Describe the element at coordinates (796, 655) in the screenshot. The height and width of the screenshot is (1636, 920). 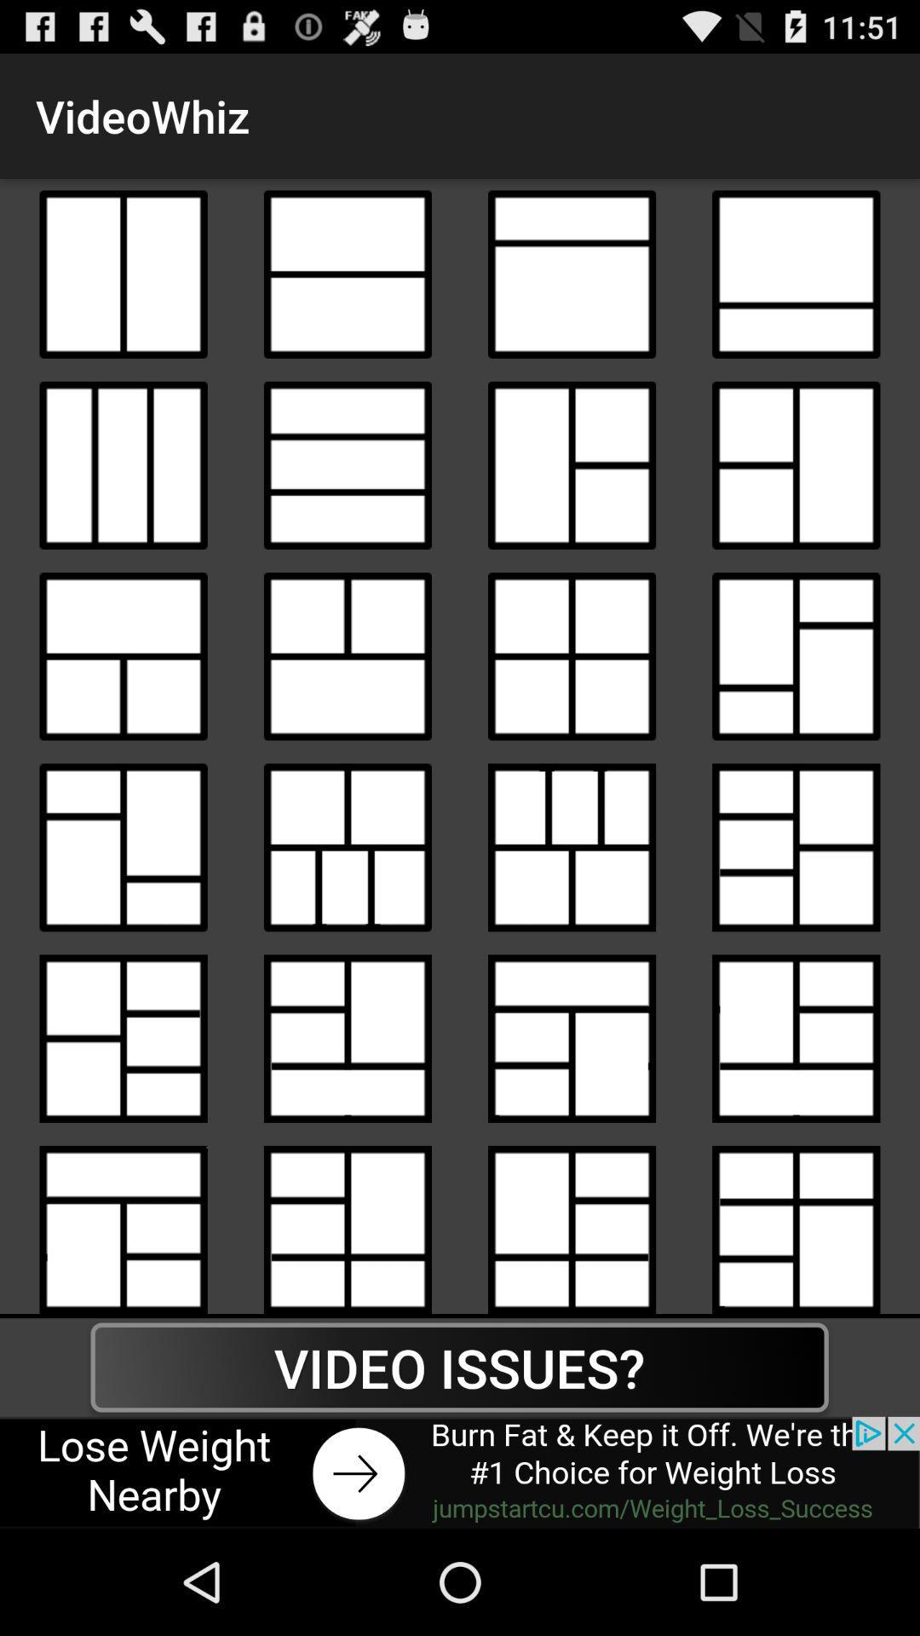
I see `model of a grid` at that location.